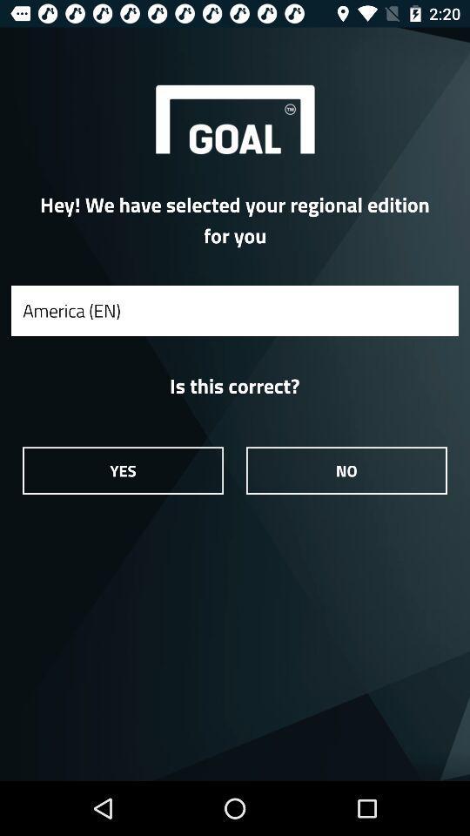 This screenshot has width=470, height=836. What do you see at coordinates (346, 469) in the screenshot?
I see `icon next to the yes item` at bounding box center [346, 469].